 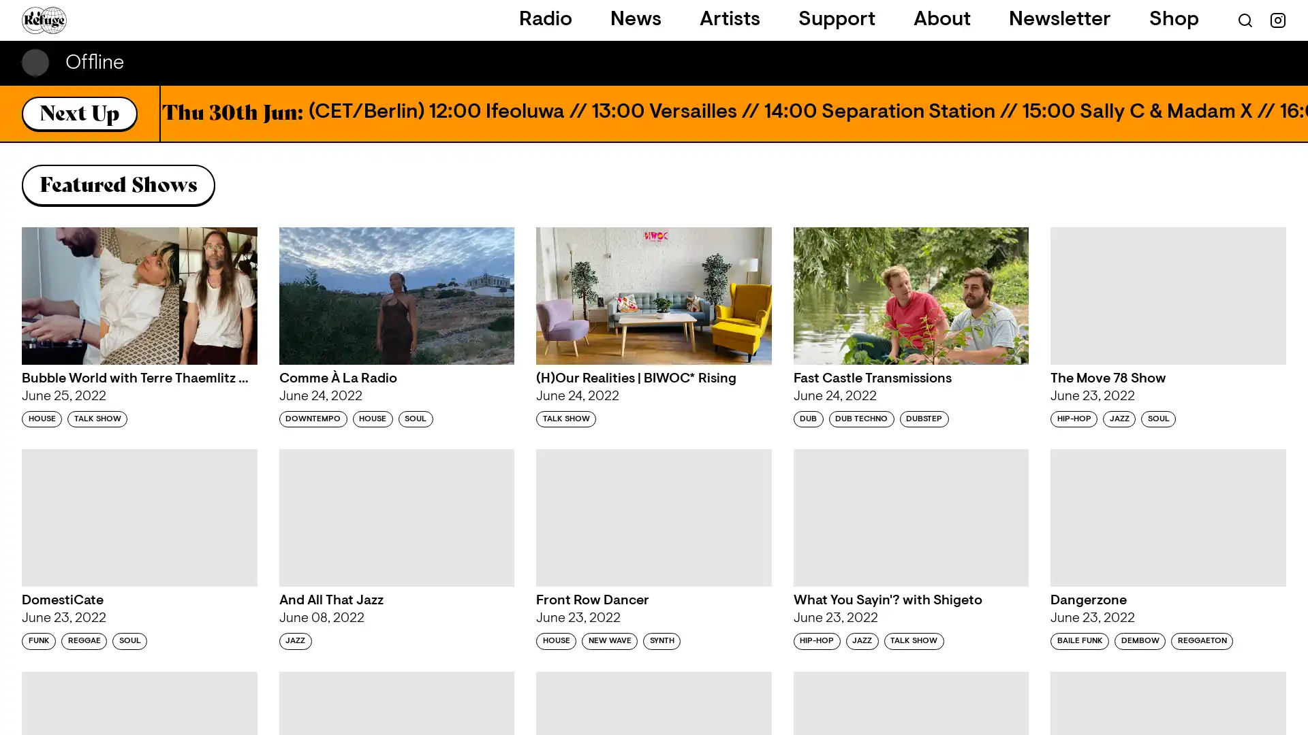 What do you see at coordinates (1167, 295) in the screenshot?
I see `The Move 78 Show` at bounding box center [1167, 295].